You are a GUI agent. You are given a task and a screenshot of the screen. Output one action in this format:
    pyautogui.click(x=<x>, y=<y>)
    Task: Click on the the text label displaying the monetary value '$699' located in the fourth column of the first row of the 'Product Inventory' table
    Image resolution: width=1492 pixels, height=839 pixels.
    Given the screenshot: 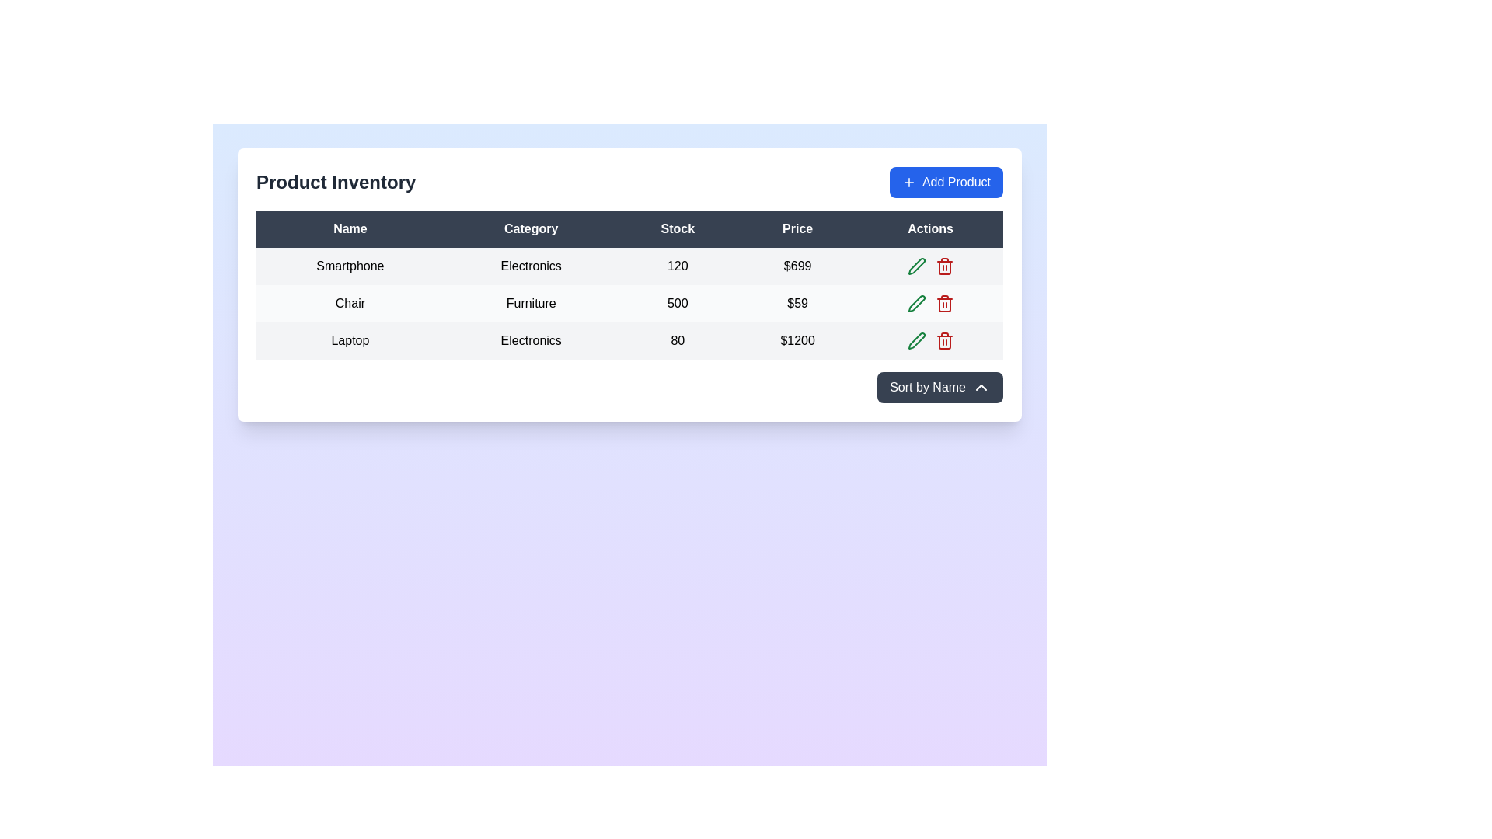 What is the action you would take?
    pyautogui.click(x=797, y=266)
    